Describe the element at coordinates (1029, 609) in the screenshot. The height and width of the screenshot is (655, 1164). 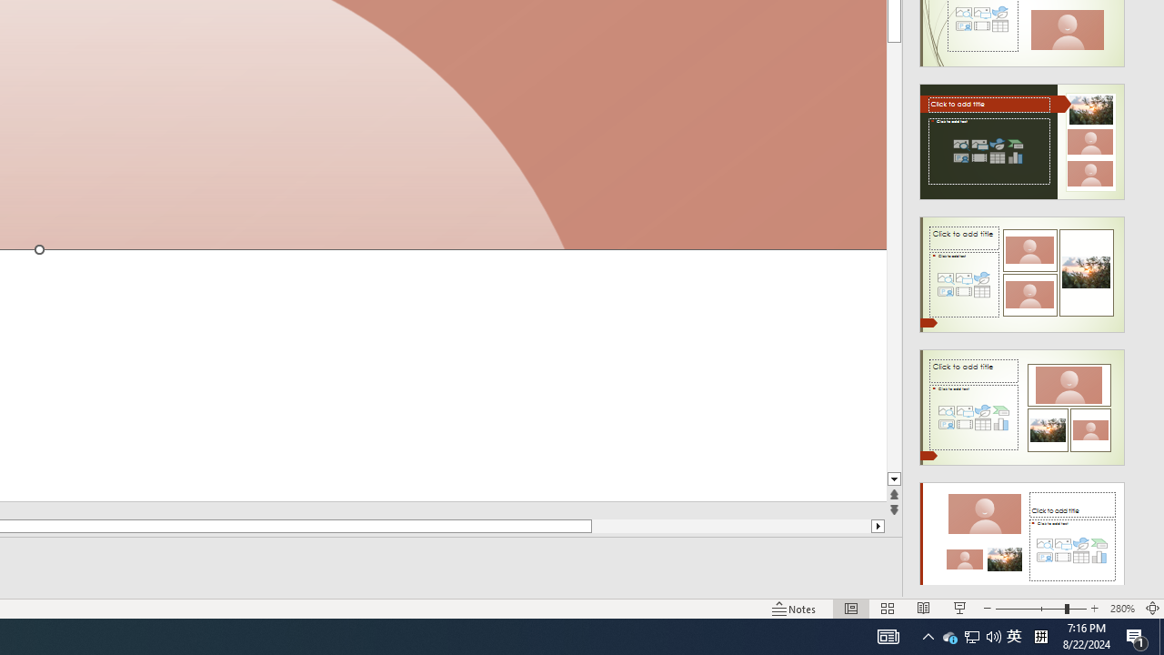
I see `'Zoom Out'` at that location.